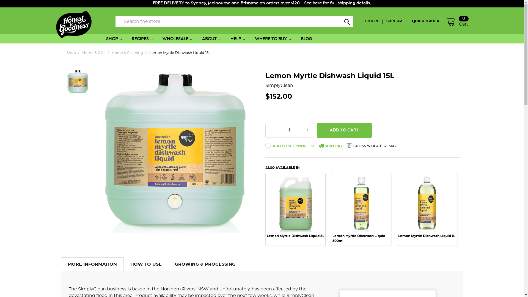 This screenshot has width=528, height=297. What do you see at coordinates (271, 130) in the screenshot?
I see `'DECREASE QUANTITY:` at bounding box center [271, 130].